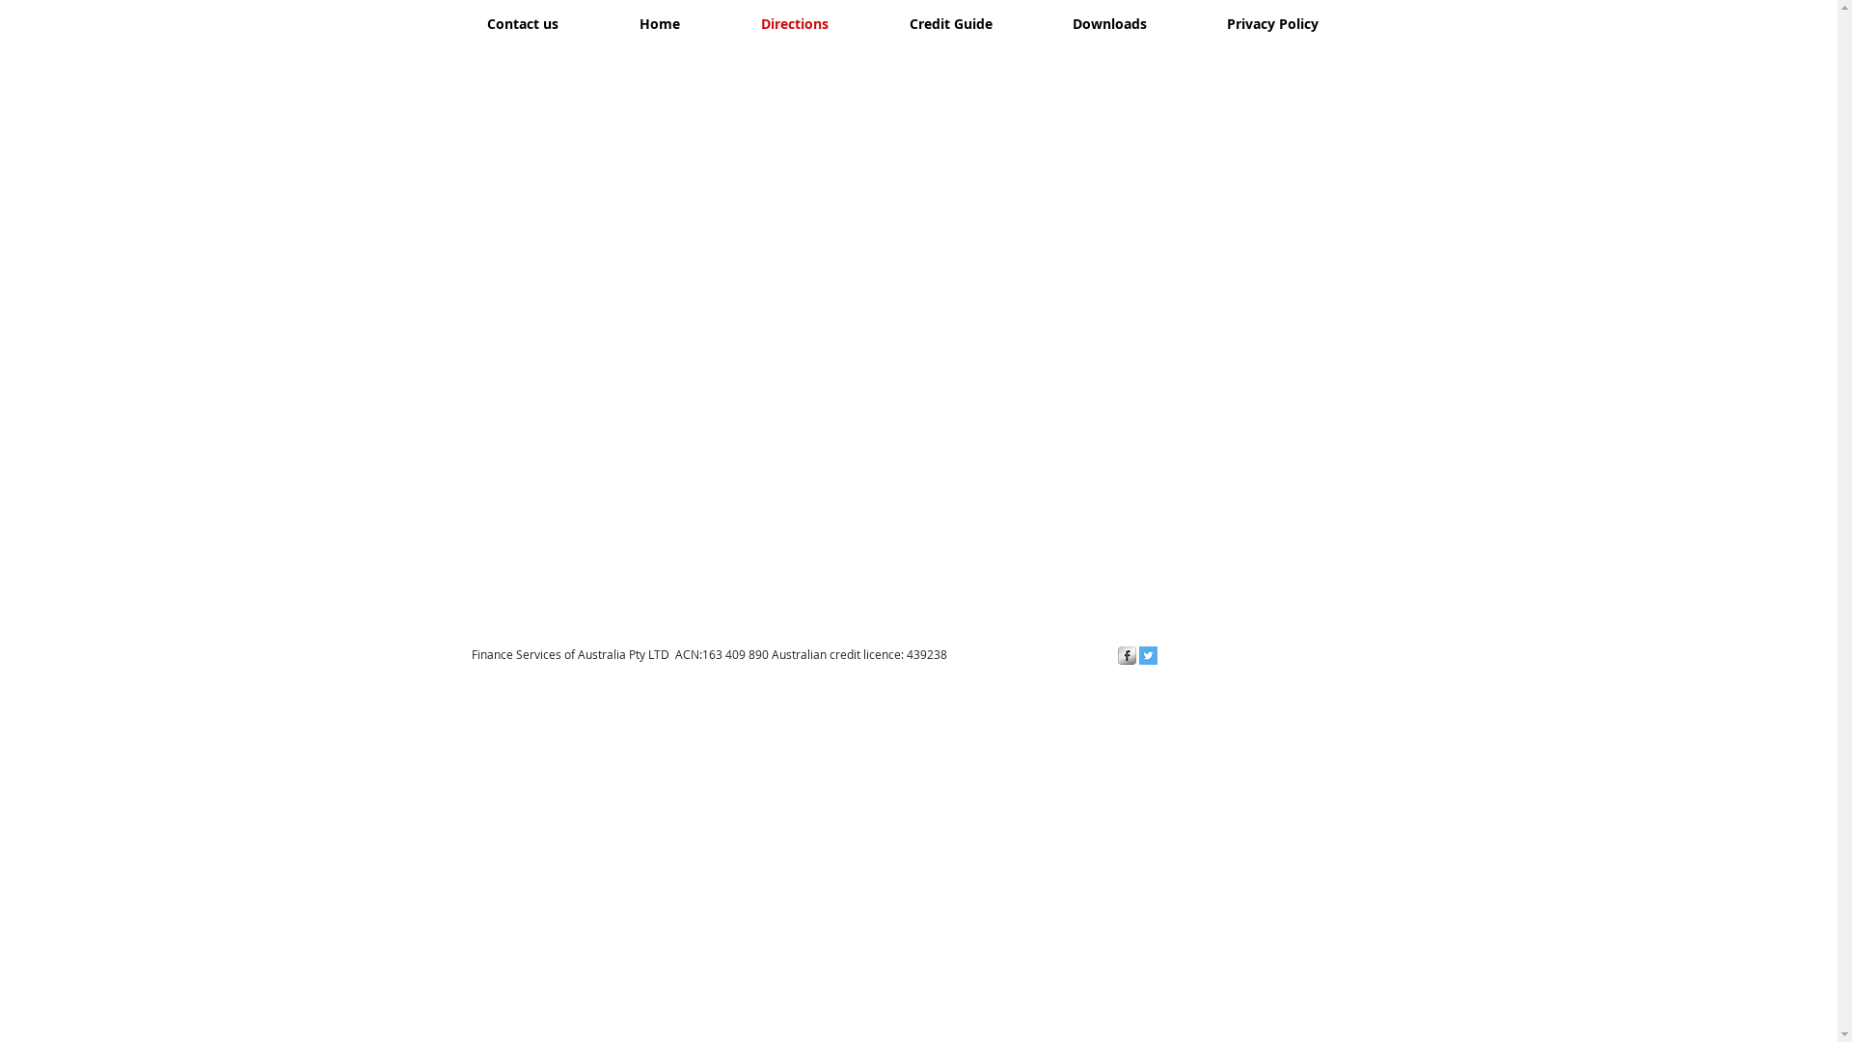 Image resolution: width=1852 pixels, height=1042 pixels. Describe the element at coordinates (1185, 23) in the screenshot. I see `'Privacy Policy'` at that location.